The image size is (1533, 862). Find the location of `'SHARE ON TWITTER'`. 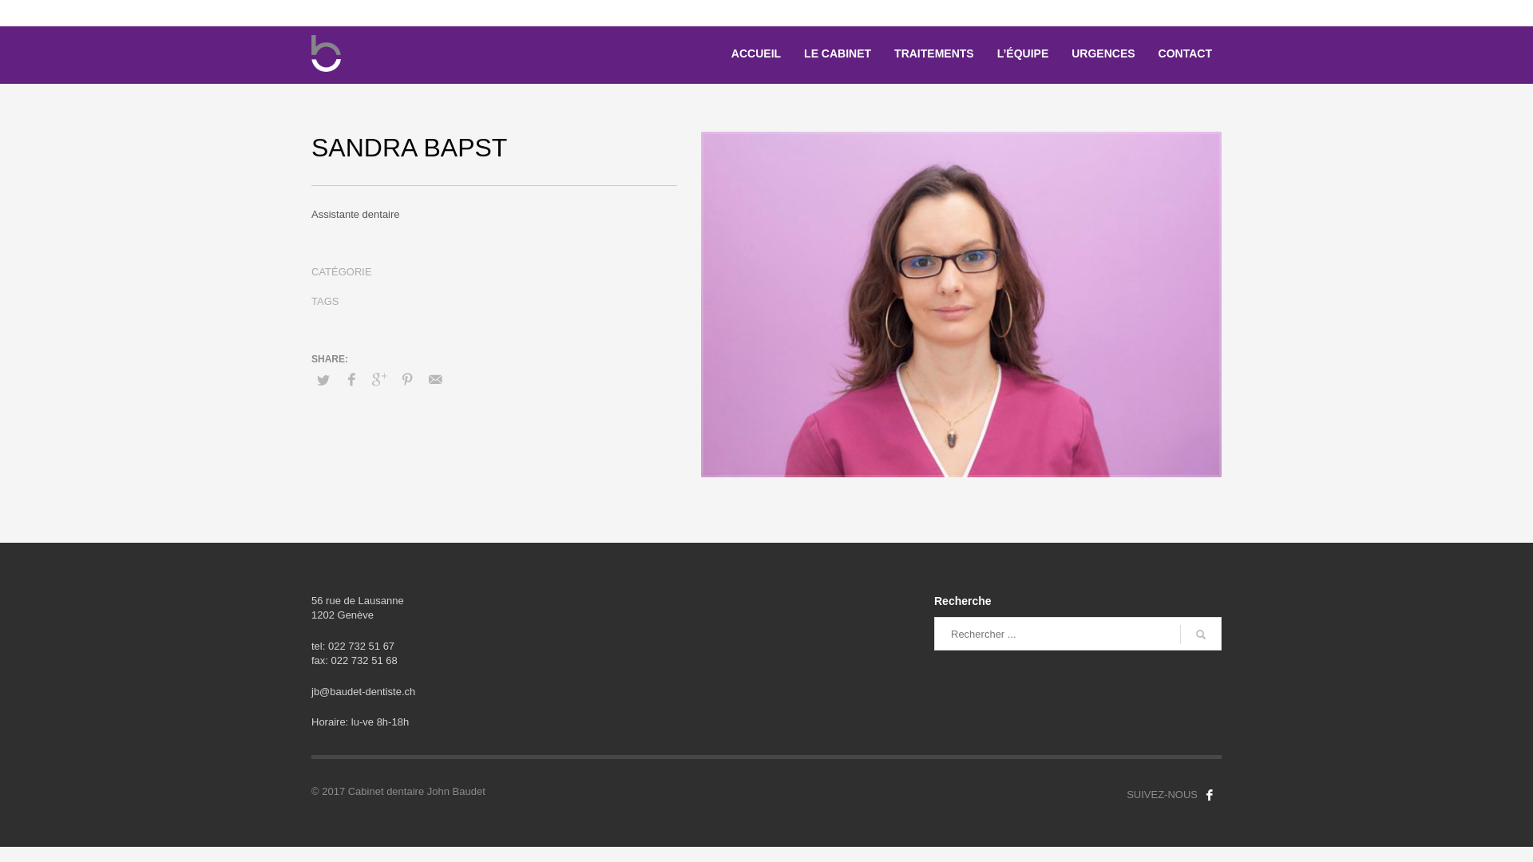

'SHARE ON TWITTER' is located at coordinates (322, 381).